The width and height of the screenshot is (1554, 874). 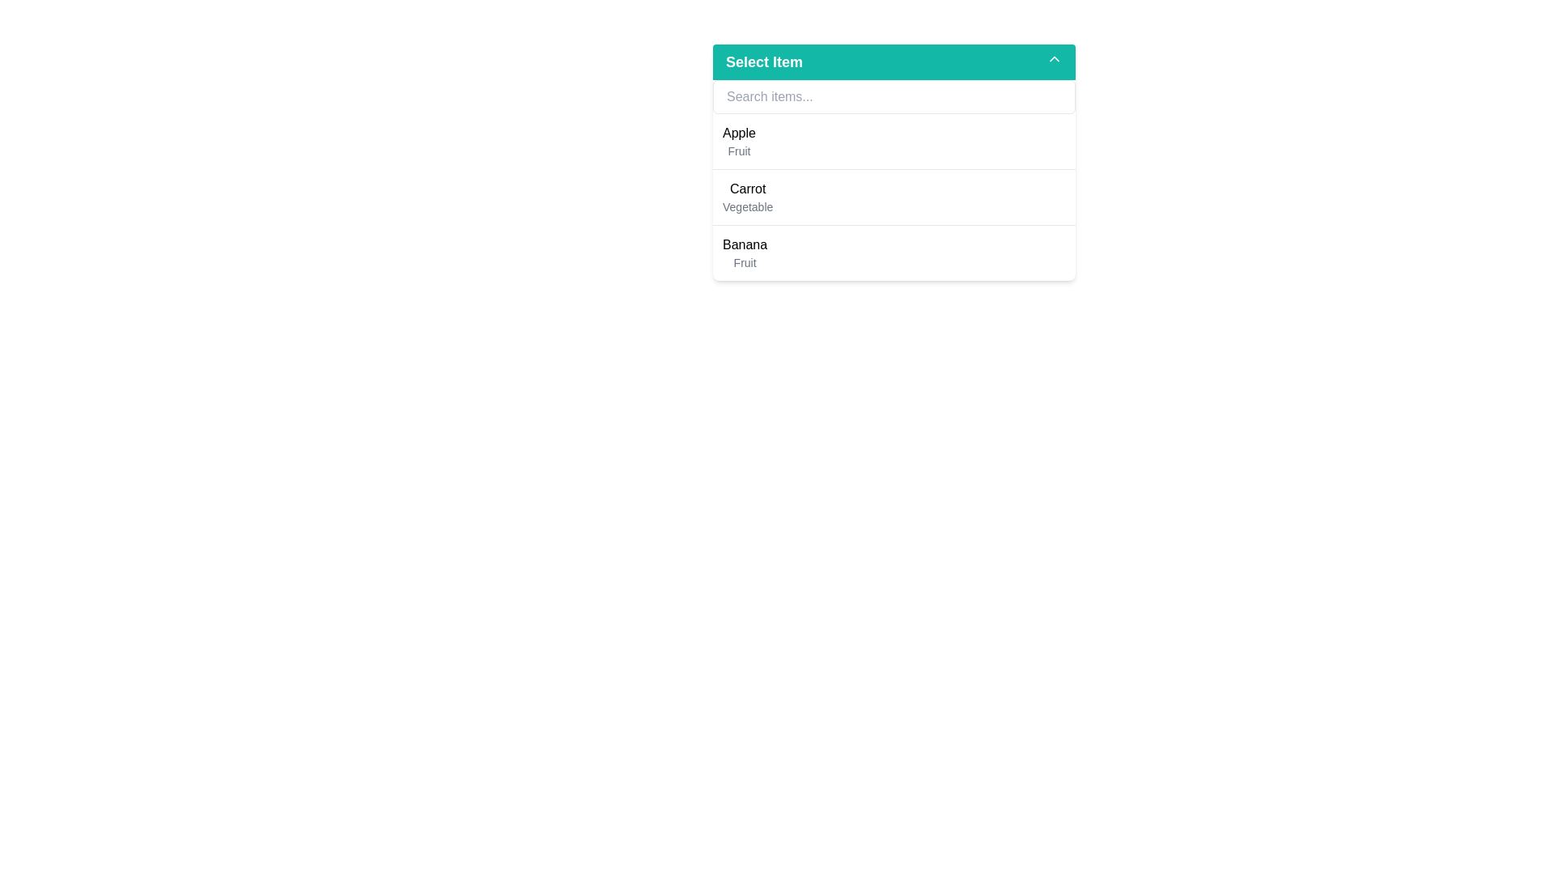 I want to click on the static text label 'Fruit' located below the 'Banana' entry in the 'Select Item' dropdown menu, so click(x=744, y=261).